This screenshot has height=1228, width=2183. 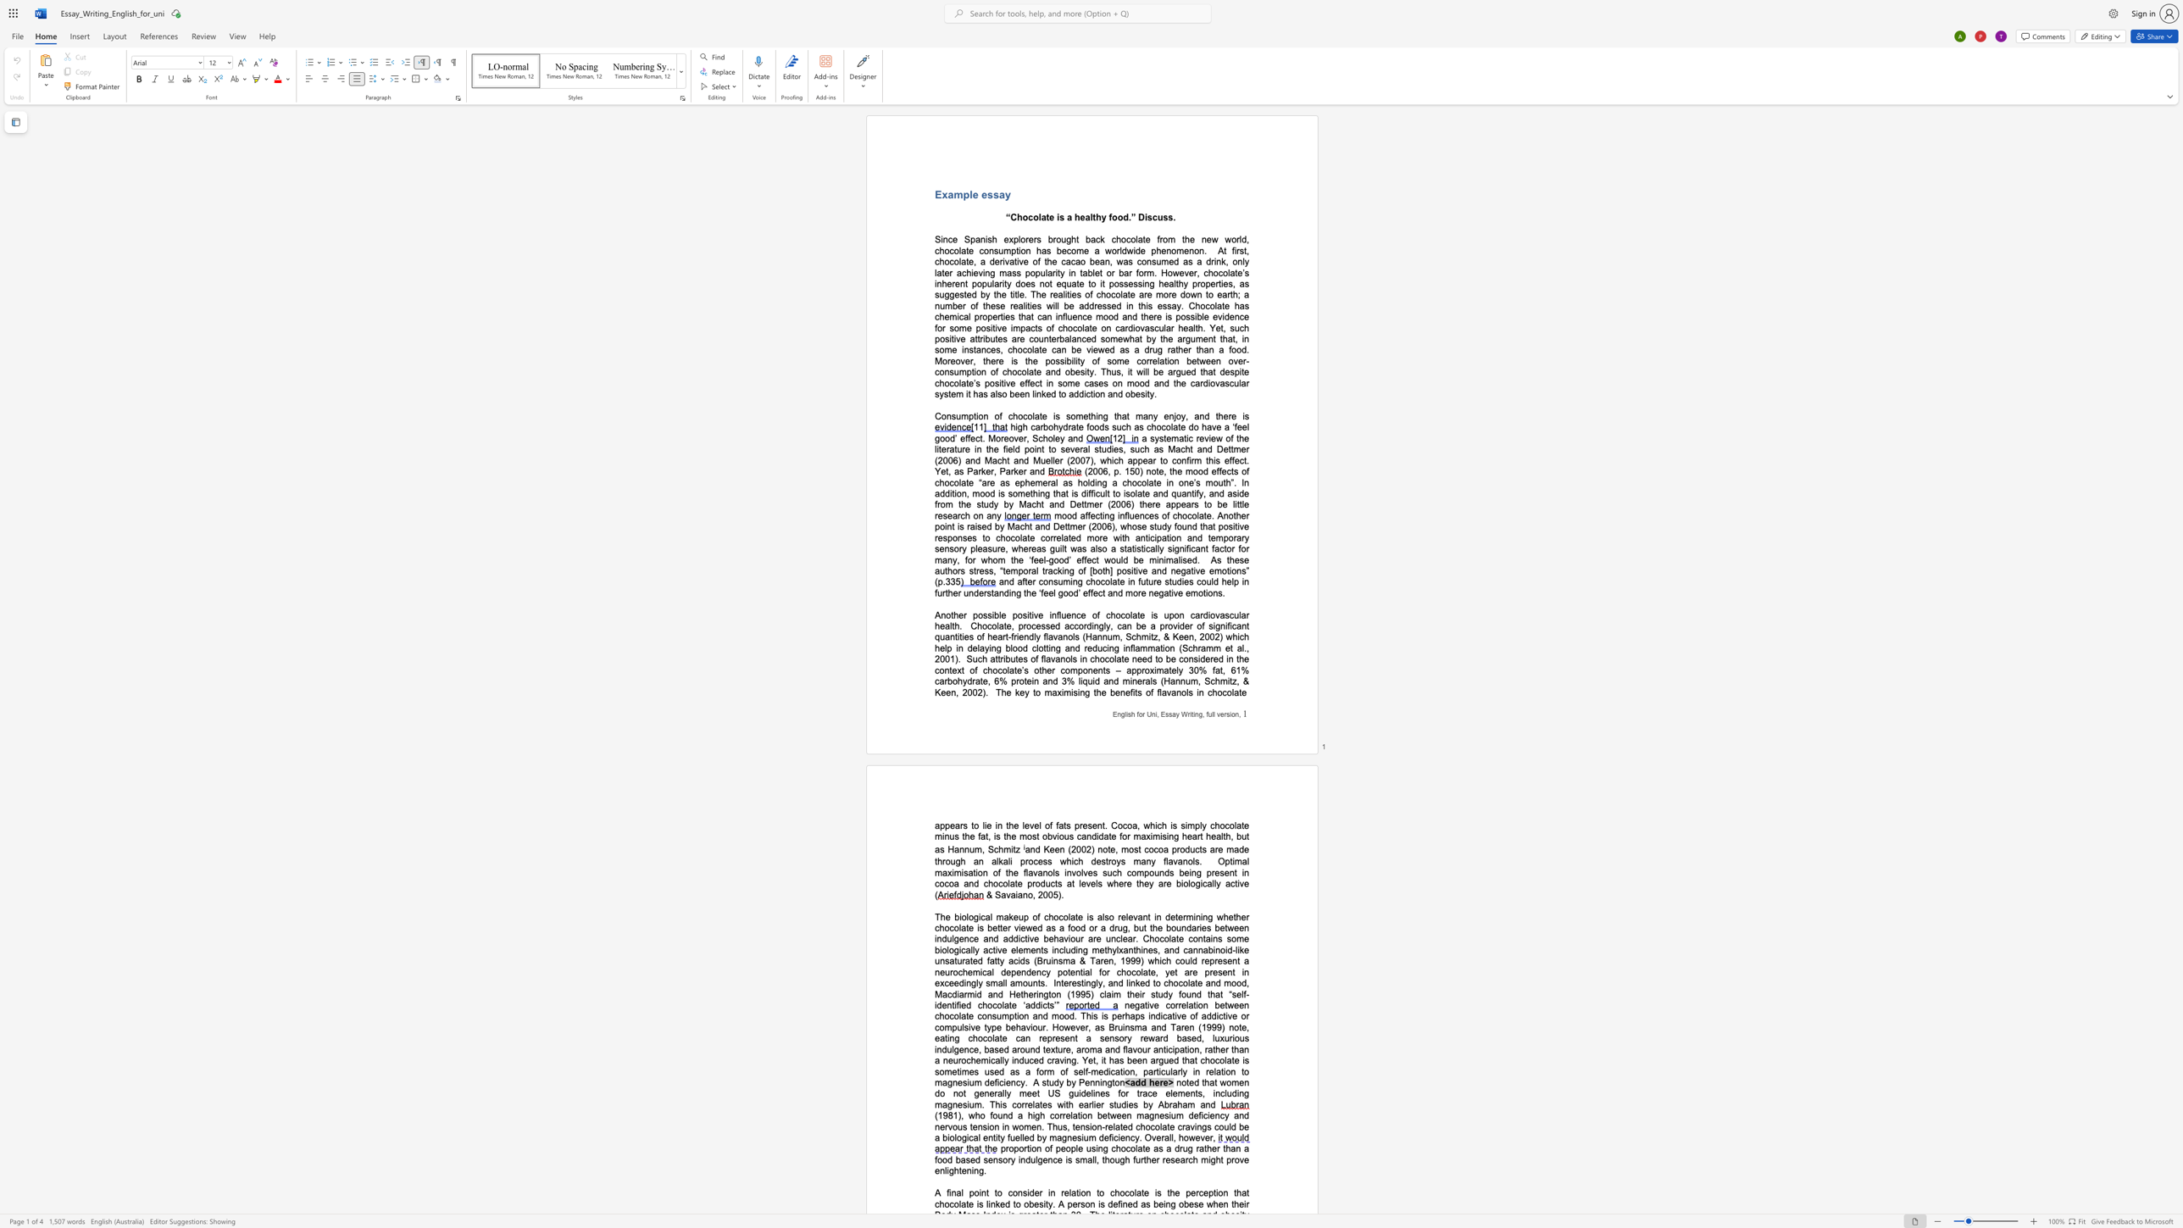 What do you see at coordinates (1140, 1081) in the screenshot?
I see `the space between the continuous character "d" and "d" in the text` at bounding box center [1140, 1081].